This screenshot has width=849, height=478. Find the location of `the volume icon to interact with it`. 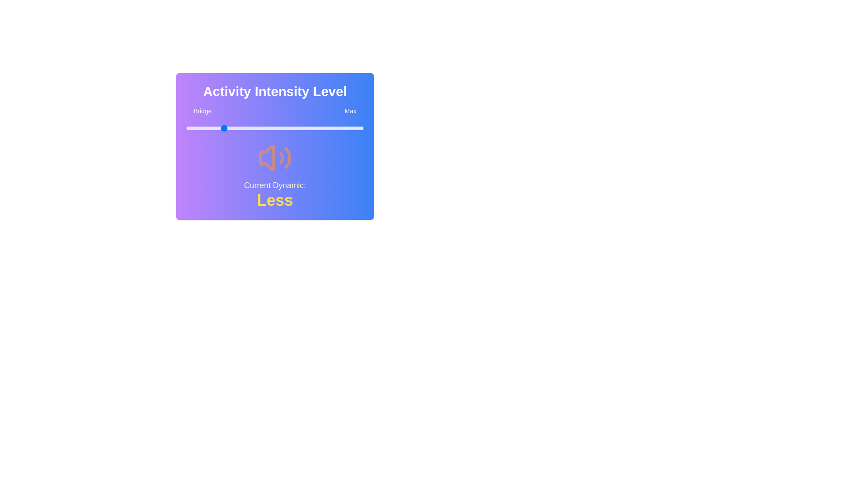

the volume icon to interact with it is located at coordinates (275, 158).